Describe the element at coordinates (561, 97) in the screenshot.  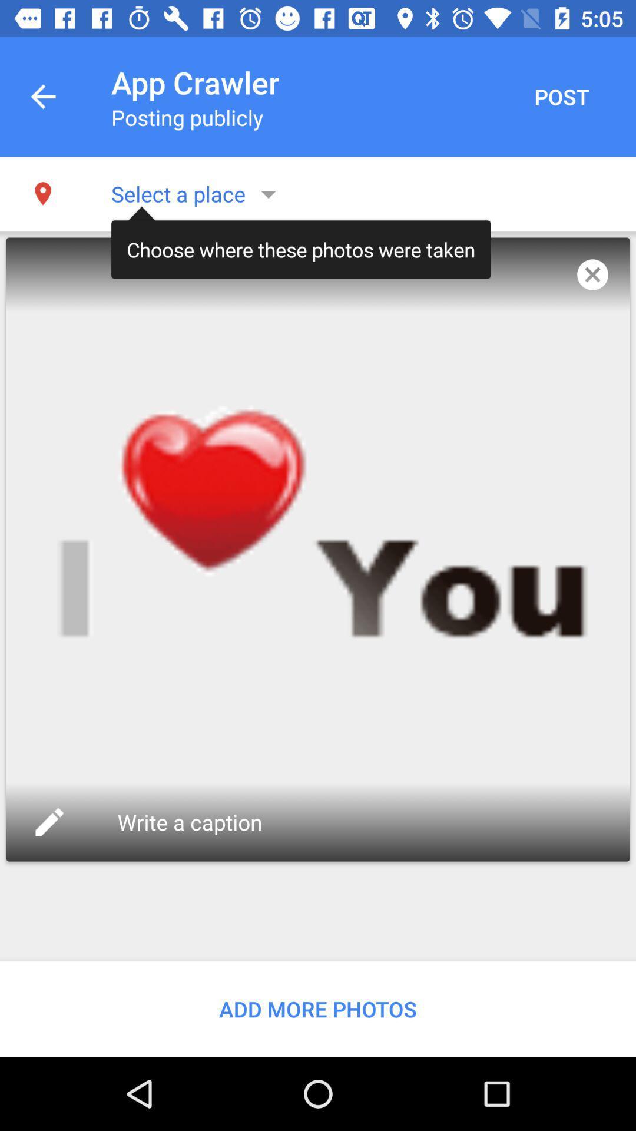
I see `the post` at that location.